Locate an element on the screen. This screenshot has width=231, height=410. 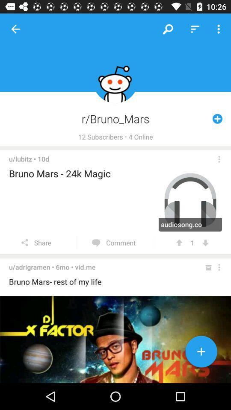
the item above r/bruno_mars is located at coordinates (195, 29).